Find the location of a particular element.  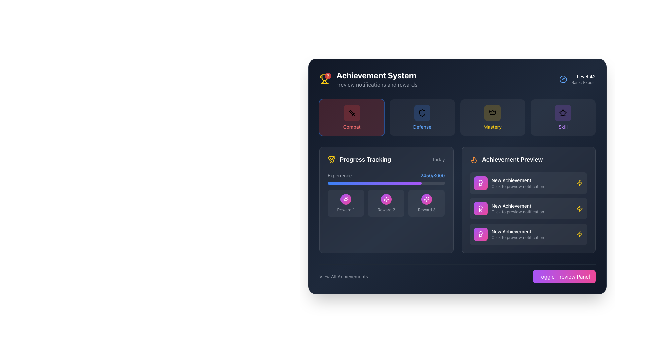

the progress is located at coordinates (350, 183).